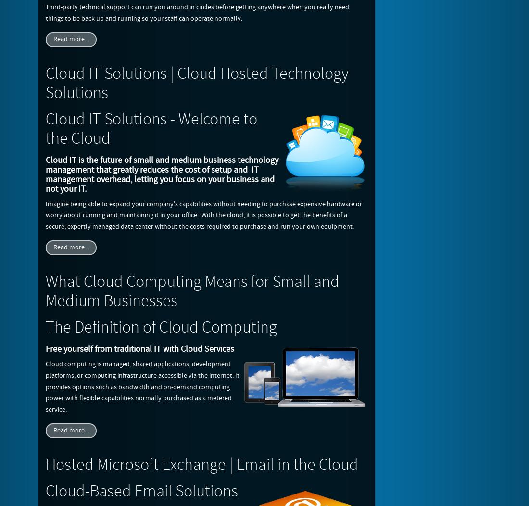  I want to click on 'The Definition of Cloud Computing', so click(46, 328).